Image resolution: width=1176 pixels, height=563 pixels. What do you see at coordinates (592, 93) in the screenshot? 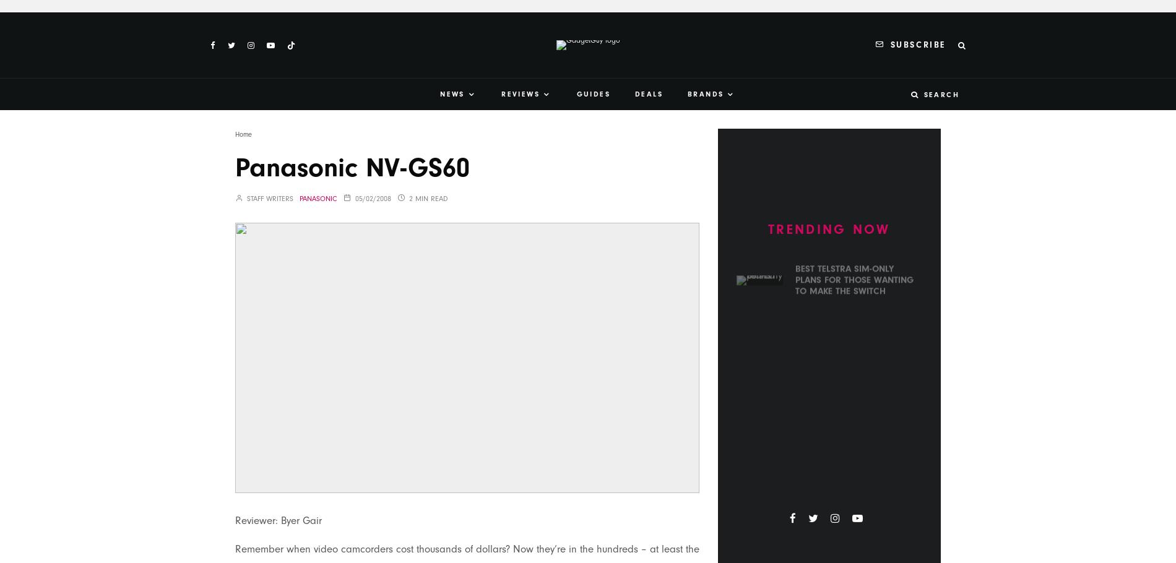
I see `'Guides'` at bounding box center [592, 93].